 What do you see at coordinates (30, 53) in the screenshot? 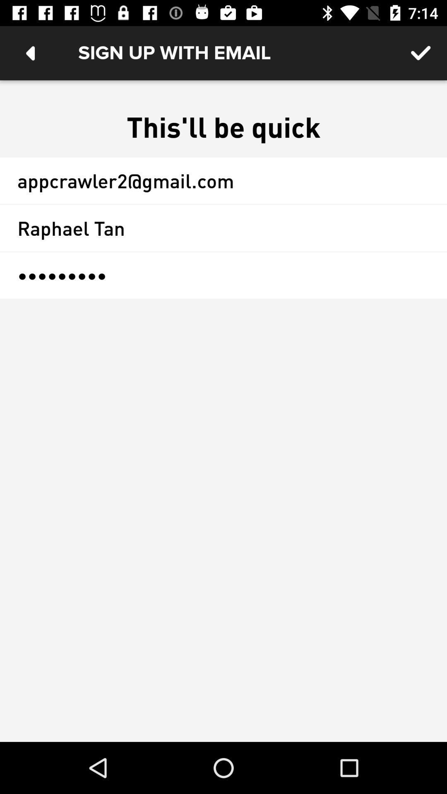
I see `the icon at the top left corner` at bounding box center [30, 53].